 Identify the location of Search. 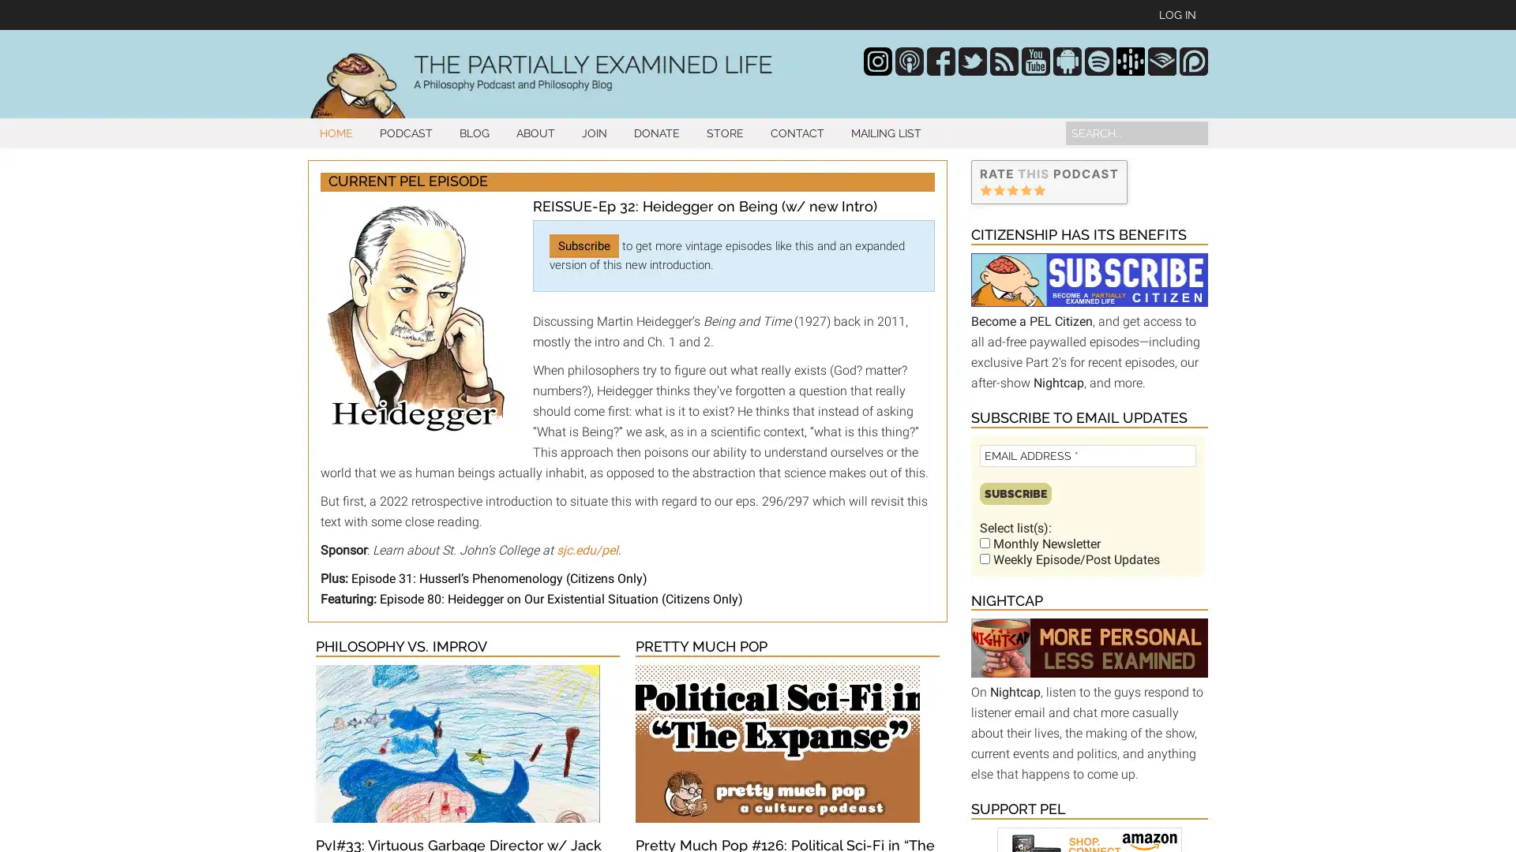
(1206, 120).